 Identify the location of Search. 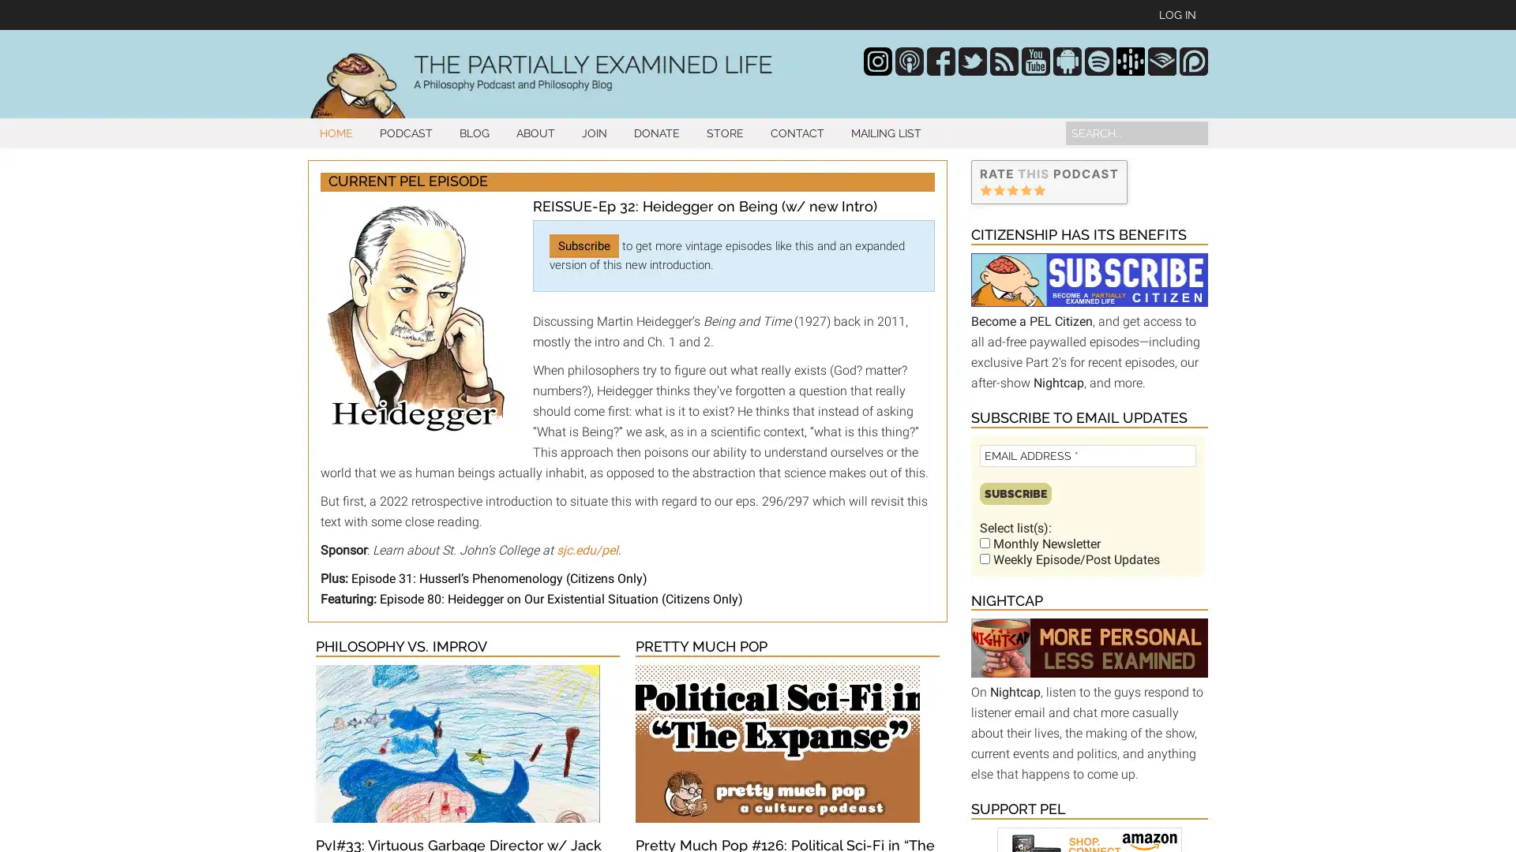
(1206, 120).